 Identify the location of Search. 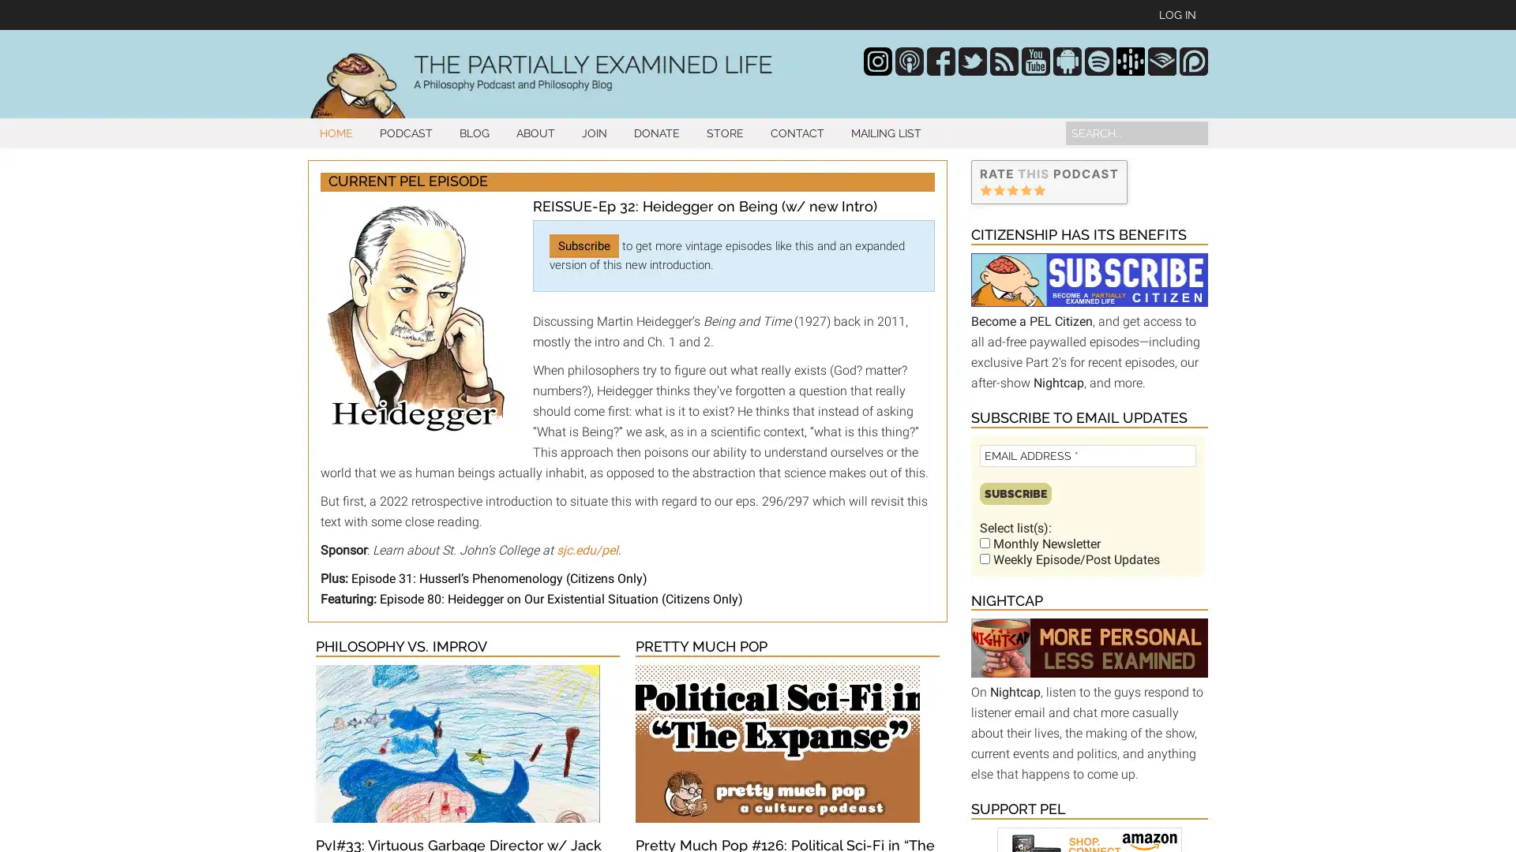
(1206, 120).